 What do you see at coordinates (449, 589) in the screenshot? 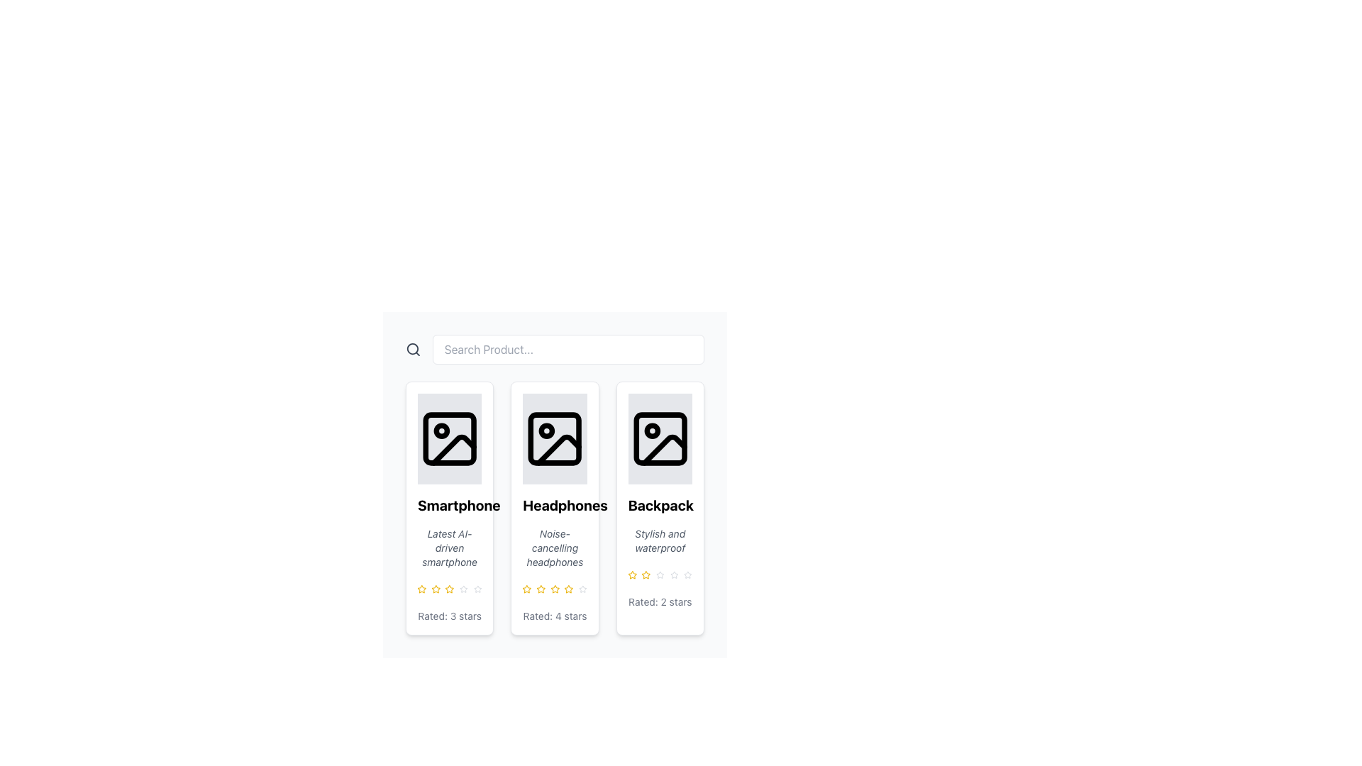
I see `the third star icon` at bounding box center [449, 589].